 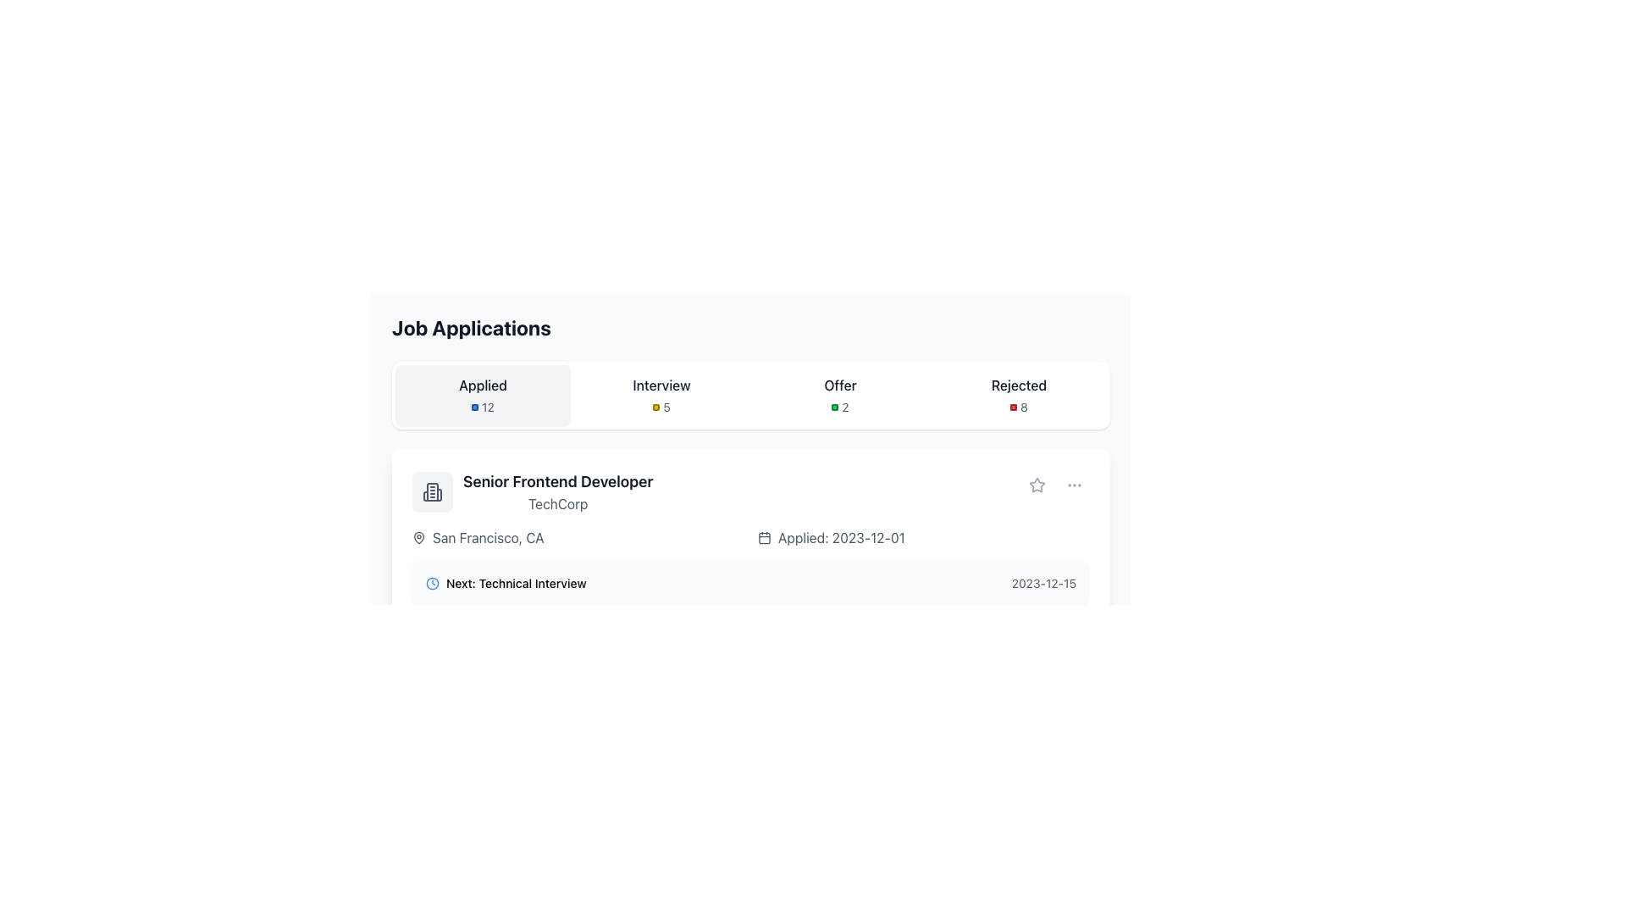 What do you see at coordinates (1073, 485) in the screenshot?
I see `the More Options/Ellipsis button, which is represented by three horizontal dots and is located in the top-right of a job application entry` at bounding box center [1073, 485].